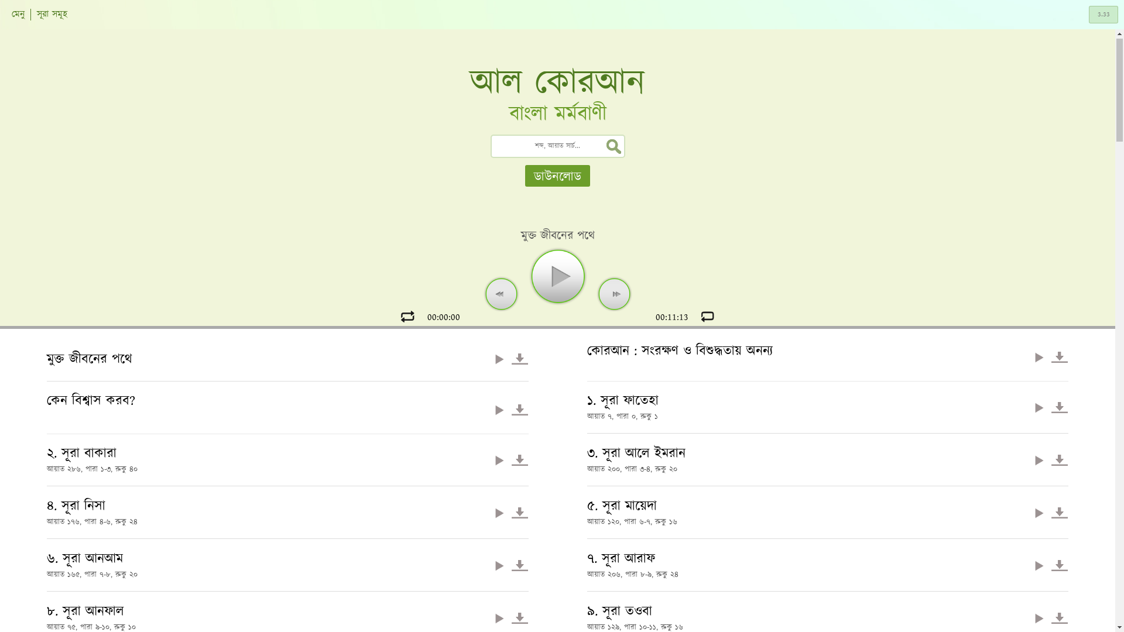  Describe the element at coordinates (491, 565) in the screenshot. I see `'Play'` at that location.